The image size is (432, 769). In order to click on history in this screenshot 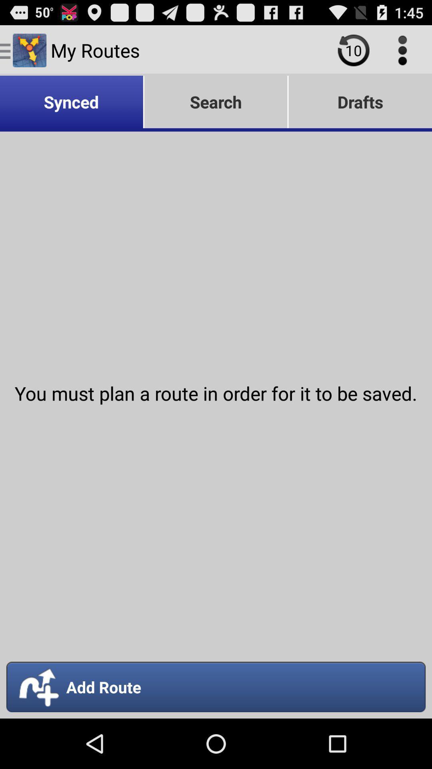, I will do `click(353, 50)`.